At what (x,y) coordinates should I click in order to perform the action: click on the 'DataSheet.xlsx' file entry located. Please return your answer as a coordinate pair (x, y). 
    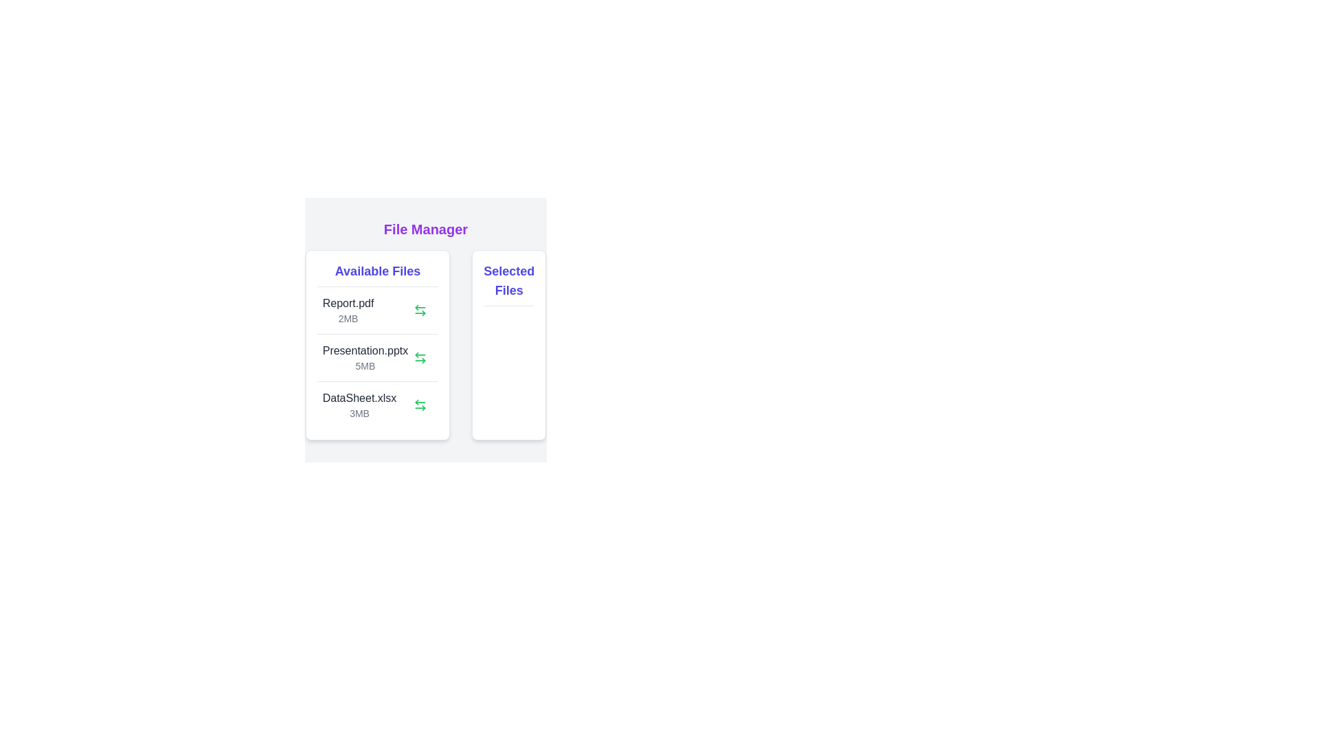
    Looking at the image, I should click on (359, 405).